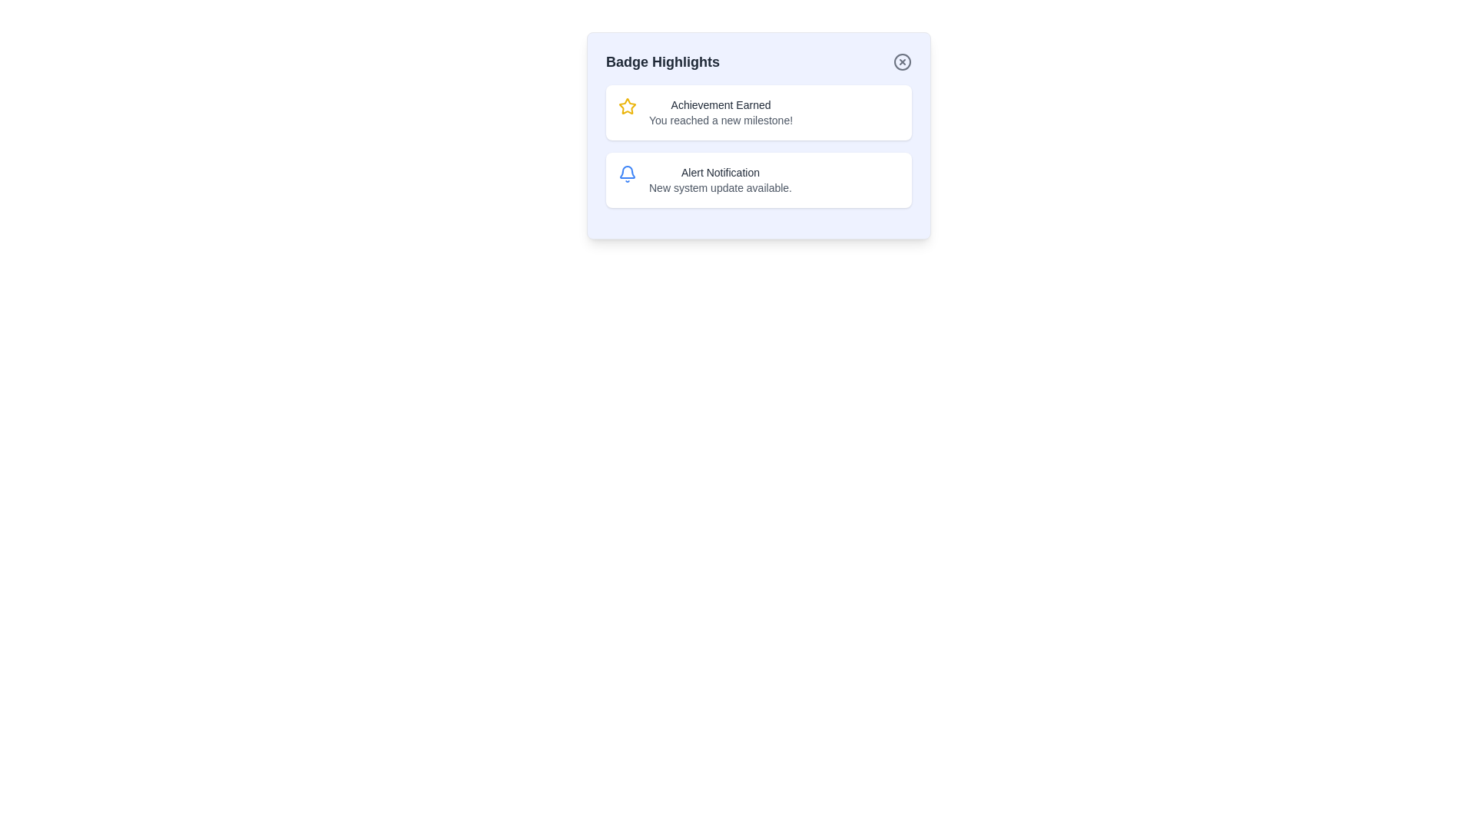 This screenshot has height=829, width=1475. Describe the element at coordinates (719, 187) in the screenshot. I see `the text label element that reads 'New system update available.' which is located below 'Alert Notification' within the 'Badge Highlights' box` at that location.